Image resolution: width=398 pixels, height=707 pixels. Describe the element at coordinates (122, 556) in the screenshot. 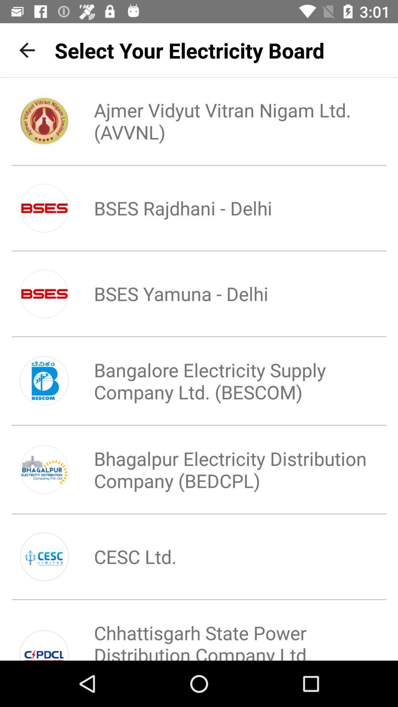

I see `the icon above chhattisgarh state power icon` at that location.